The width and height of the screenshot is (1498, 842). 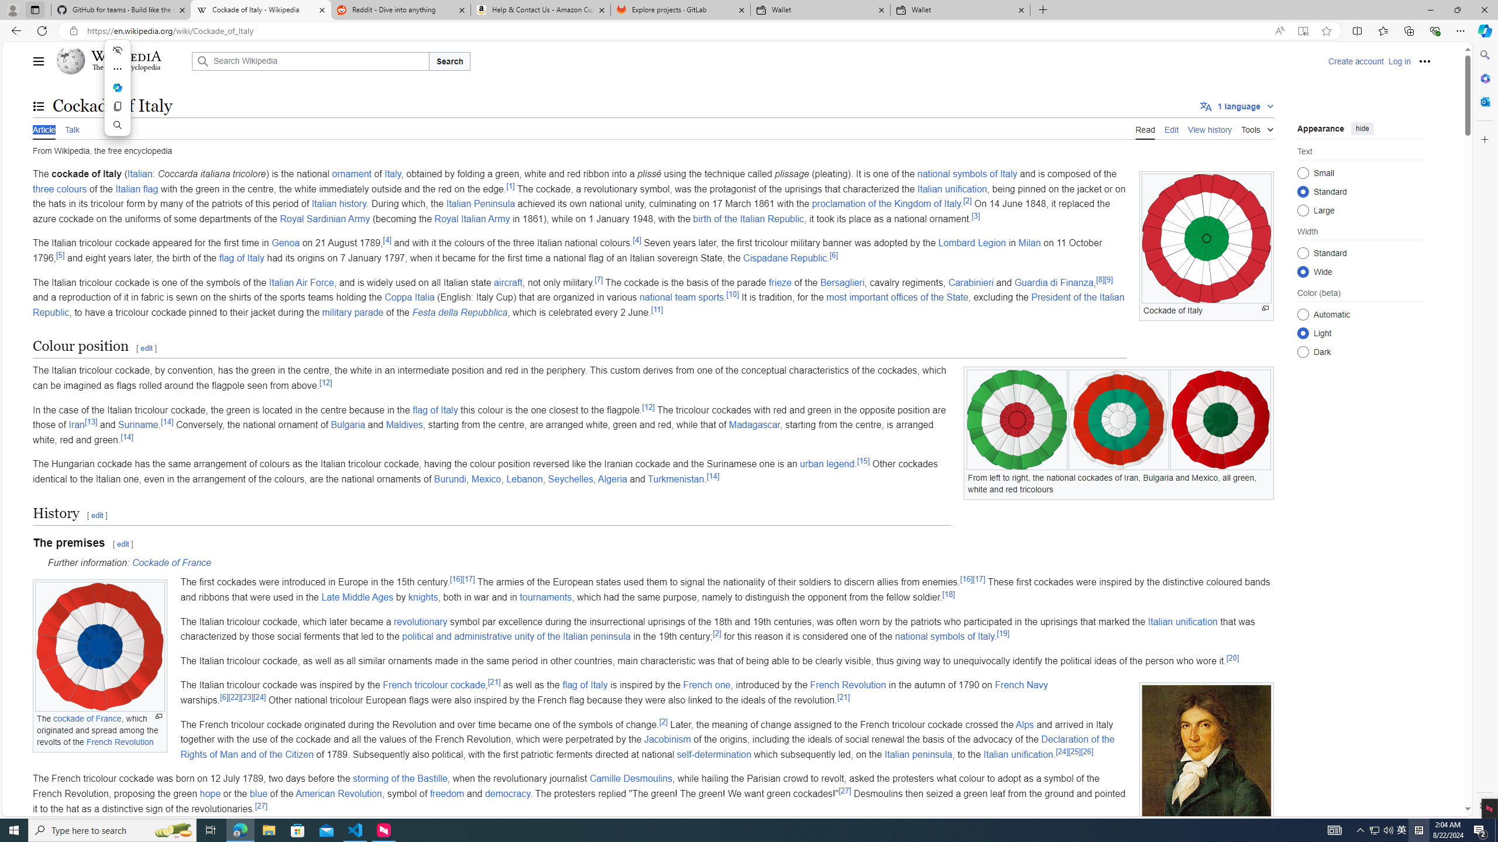 I want to click on 'View history', so click(x=1210, y=127).